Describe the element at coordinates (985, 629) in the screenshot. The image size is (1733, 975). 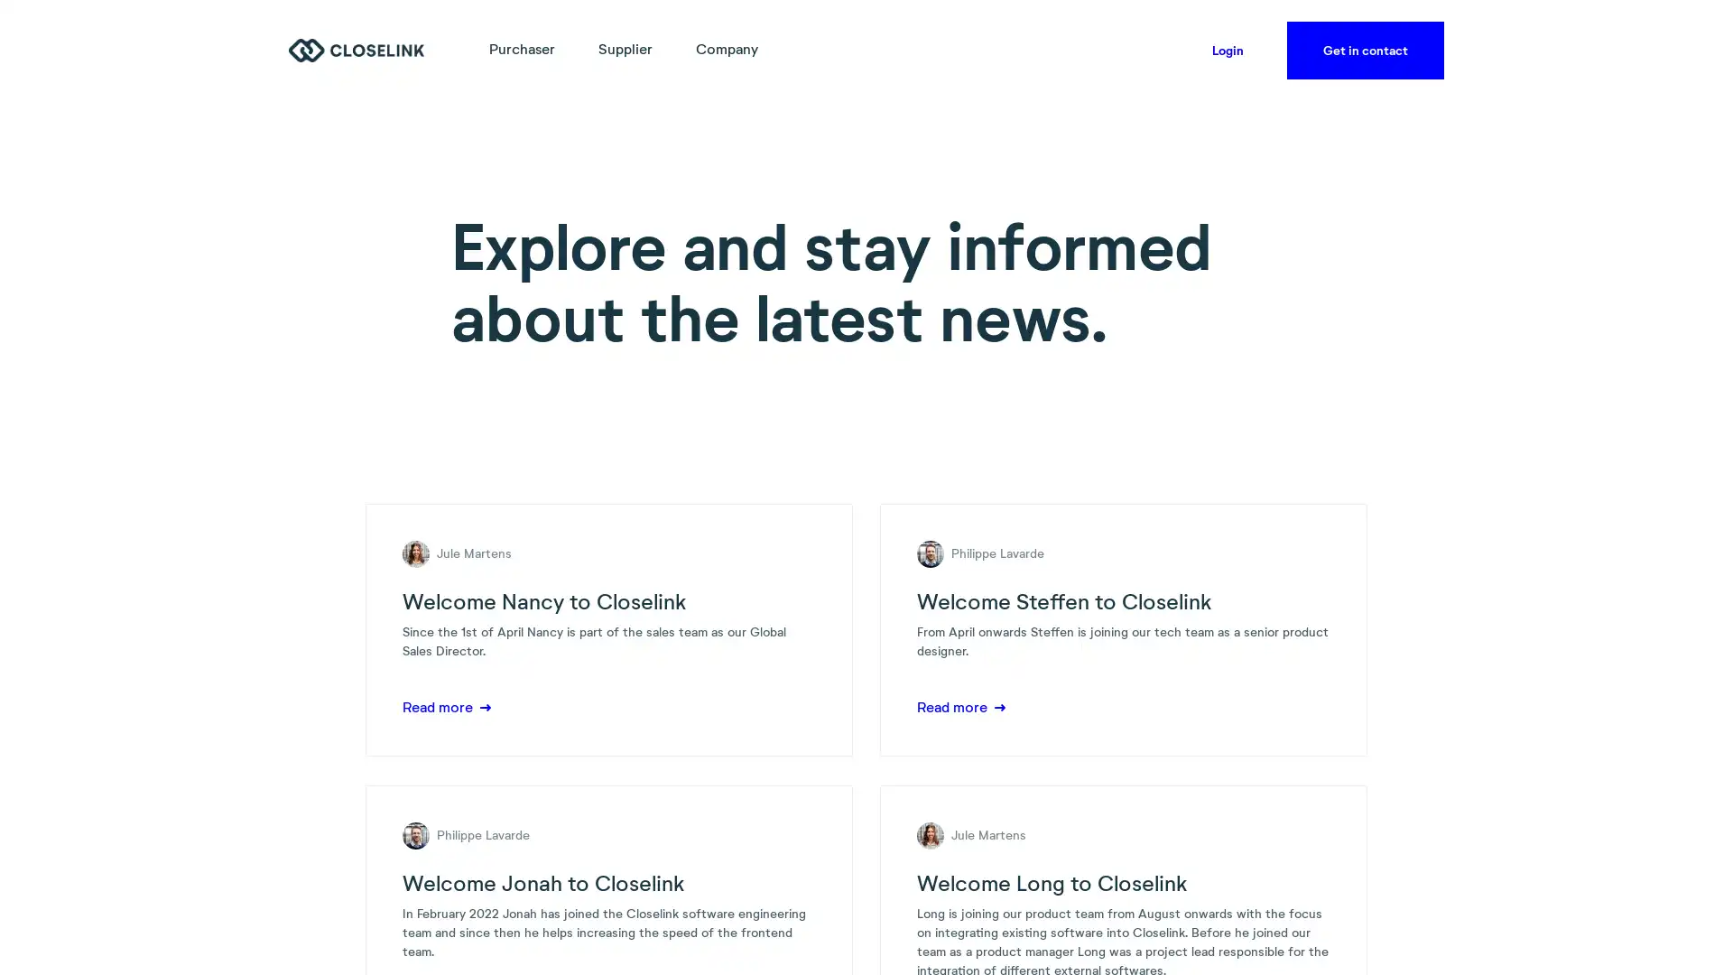
I see `Accept all` at that location.